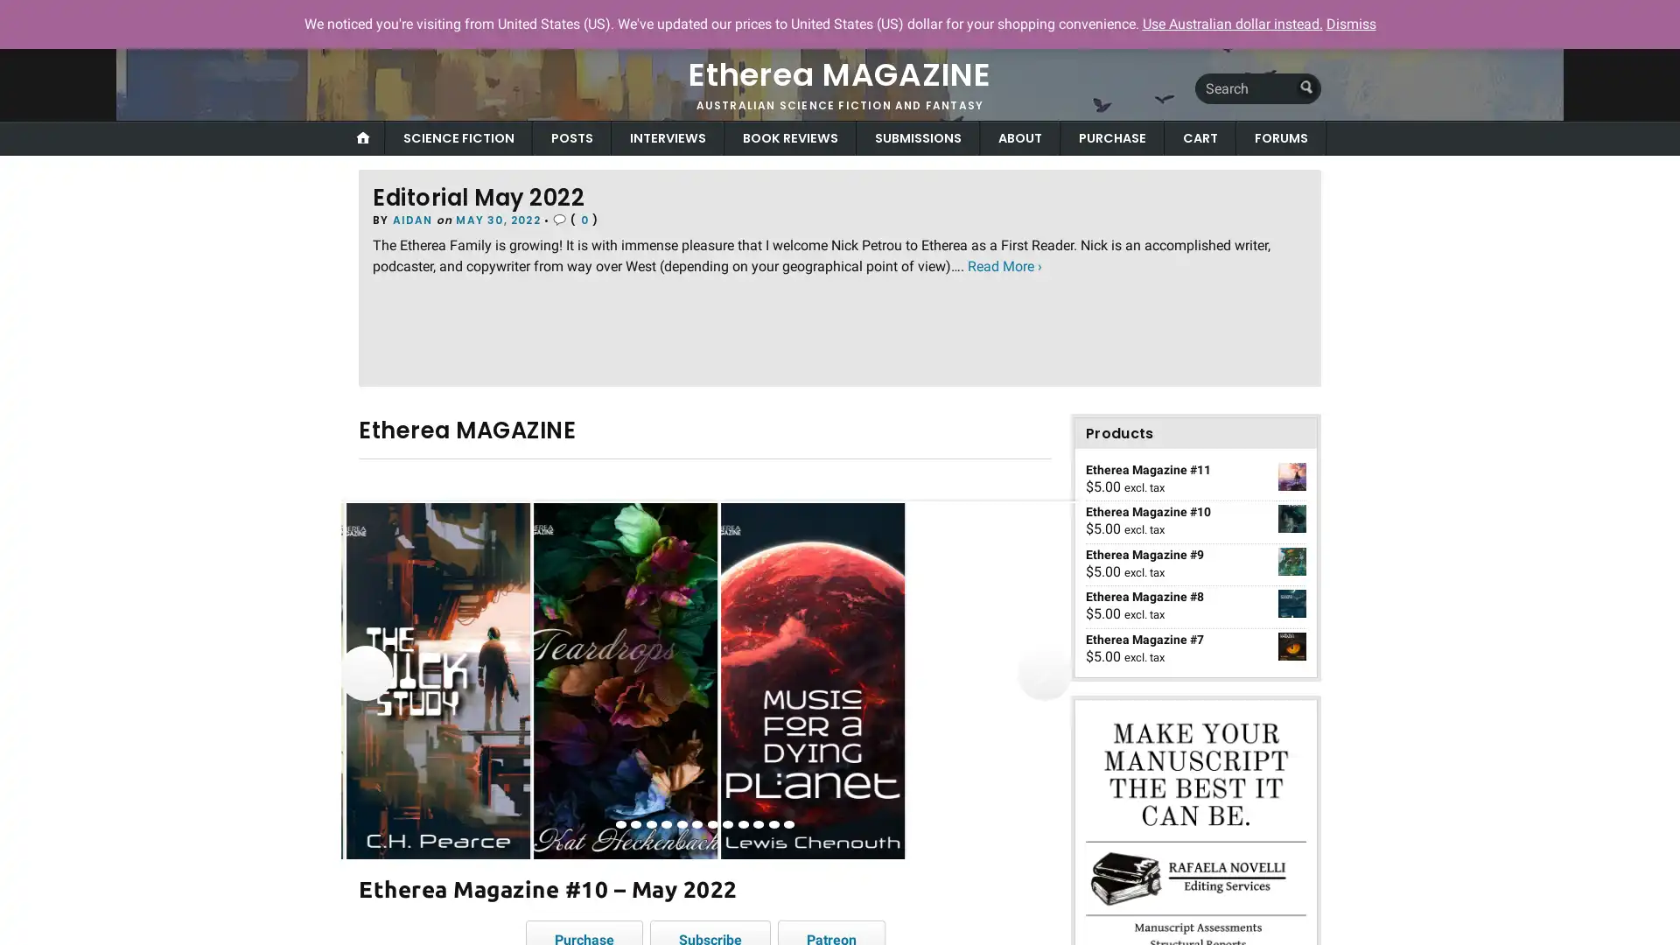 This screenshot has width=1680, height=945. Describe the element at coordinates (666, 823) in the screenshot. I see `view image 4 of 12 in carousel` at that location.